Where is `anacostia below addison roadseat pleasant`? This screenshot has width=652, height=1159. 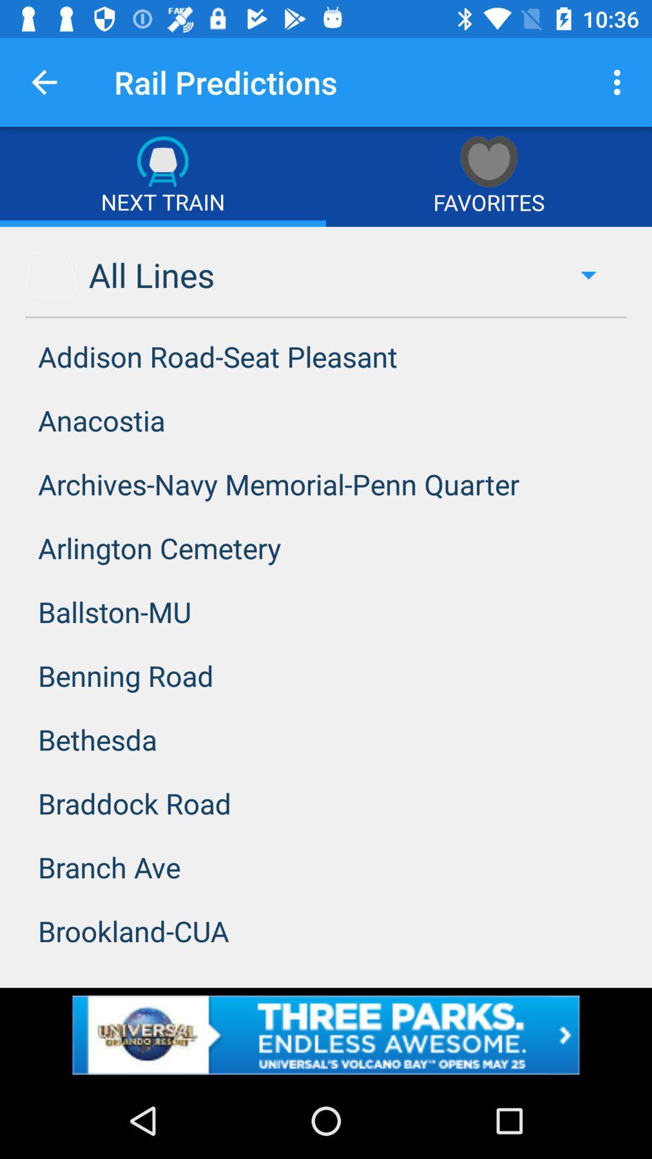 anacostia below addison roadseat pleasant is located at coordinates (326, 420).